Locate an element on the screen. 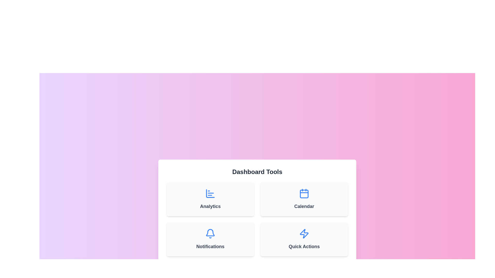 Image resolution: width=495 pixels, height=278 pixels. the fourth Clickable Card UI component located in the bottom-right part of the grid layout is located at coordinates (304, 239).